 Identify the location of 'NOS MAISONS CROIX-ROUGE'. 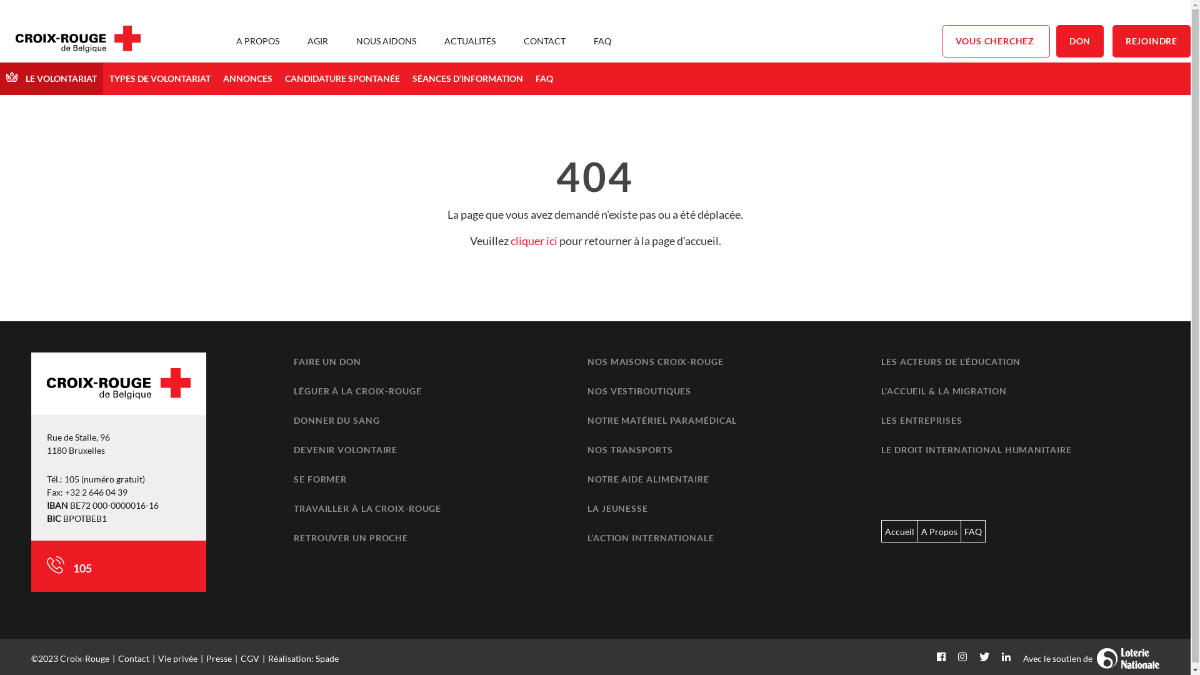
(655, 361).